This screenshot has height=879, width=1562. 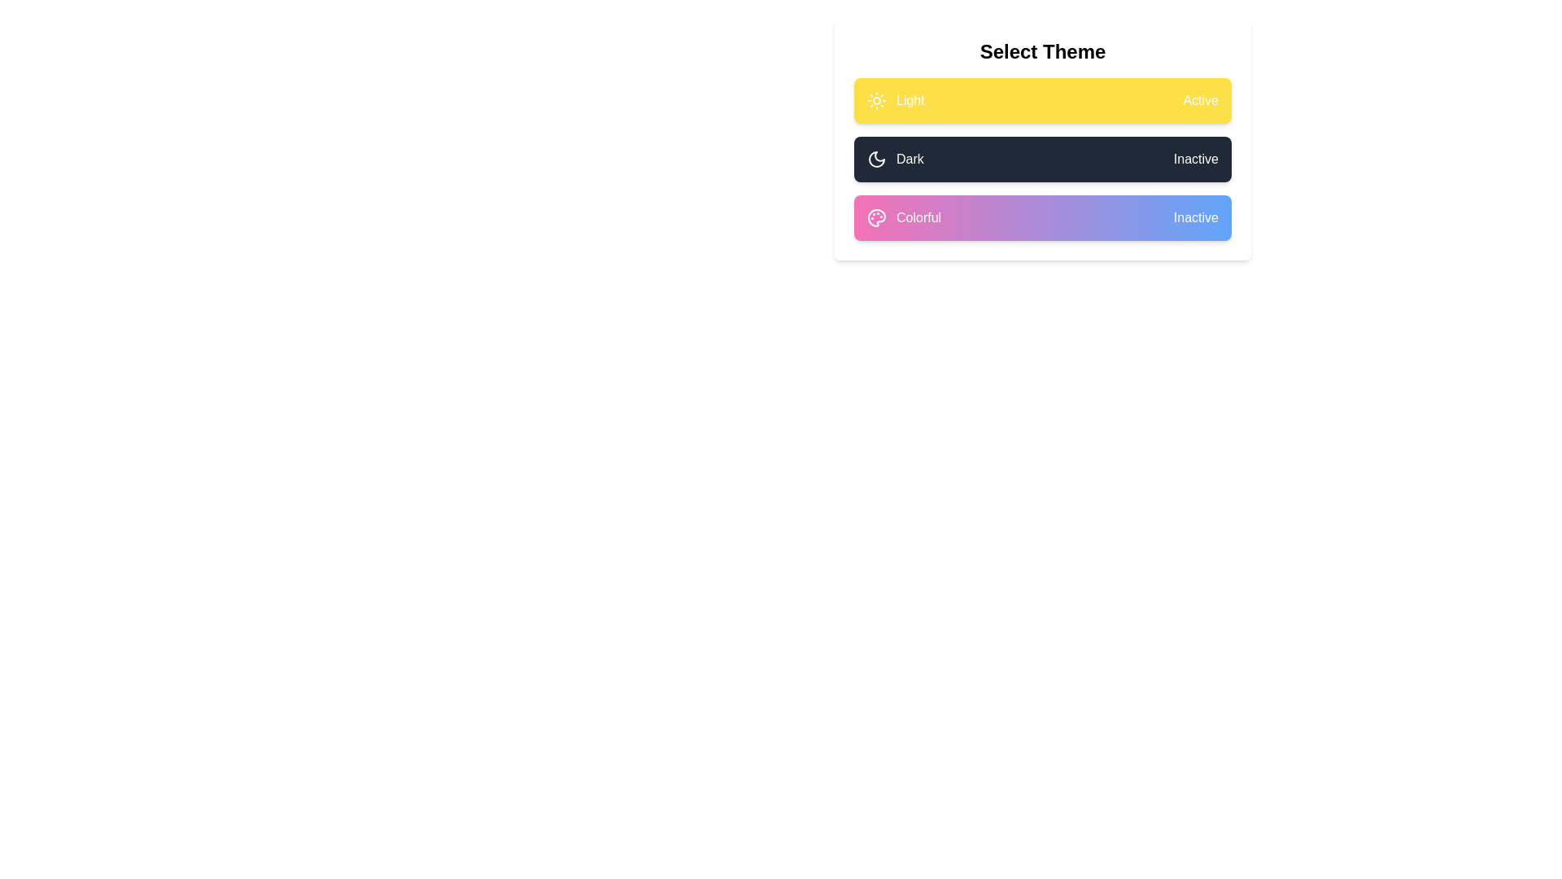 What do you see at coordinates (1042, 160) in the screenshot?
I see `the label and icon for the theme Dark` at bounding box center [1042, 160].